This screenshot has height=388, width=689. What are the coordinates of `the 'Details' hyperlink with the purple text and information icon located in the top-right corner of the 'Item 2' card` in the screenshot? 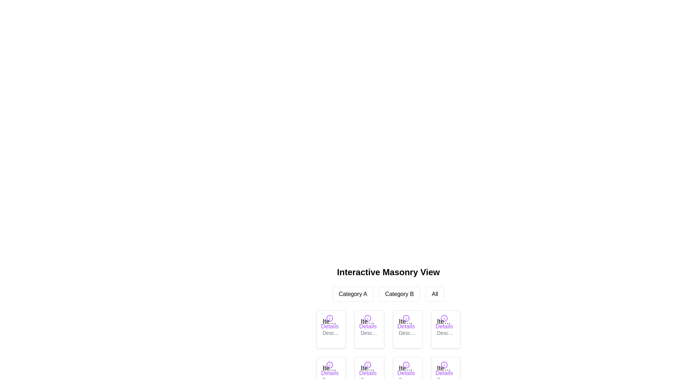 It's located at (368, 322).